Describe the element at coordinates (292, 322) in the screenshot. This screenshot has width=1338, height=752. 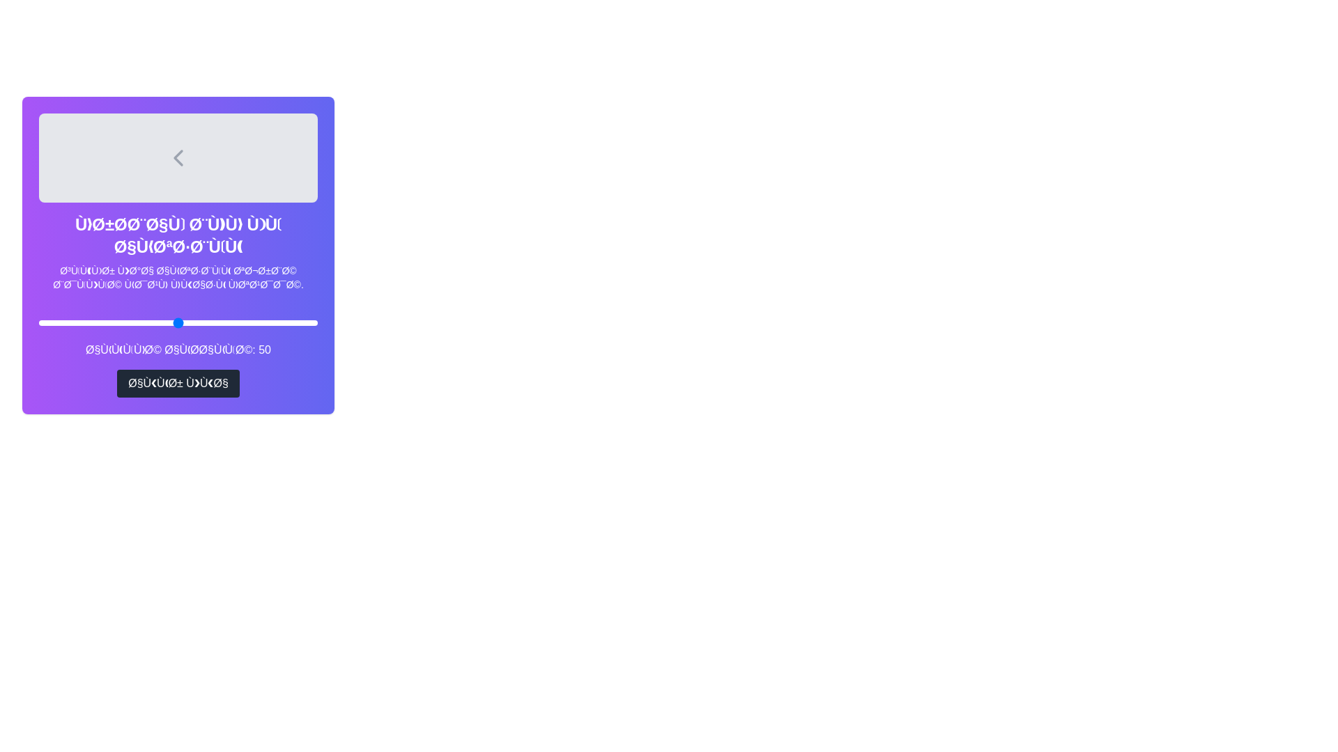
I see `the slider value` at that location.